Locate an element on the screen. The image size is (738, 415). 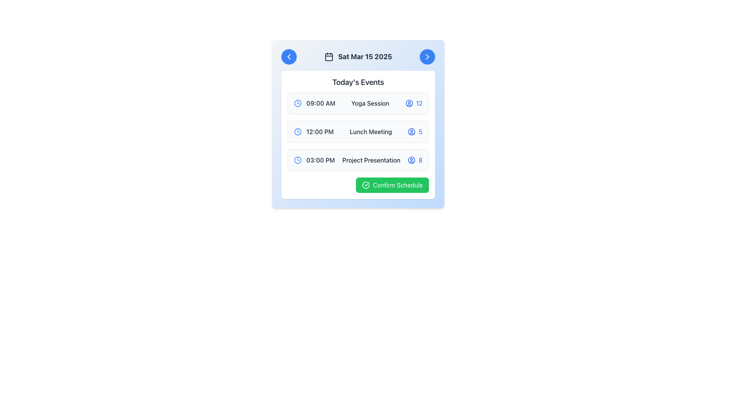
the scheduled event in the vertical list located in the 'Today's Events' section is located at coordinates (357, 131).